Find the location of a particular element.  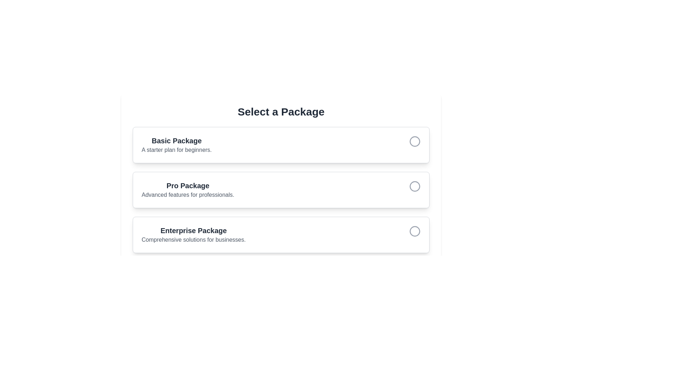

the Circular icon representing the 'Basic Package' option within the SVG element, which is the first option in the list of icons is located at coordinates (415, 142).